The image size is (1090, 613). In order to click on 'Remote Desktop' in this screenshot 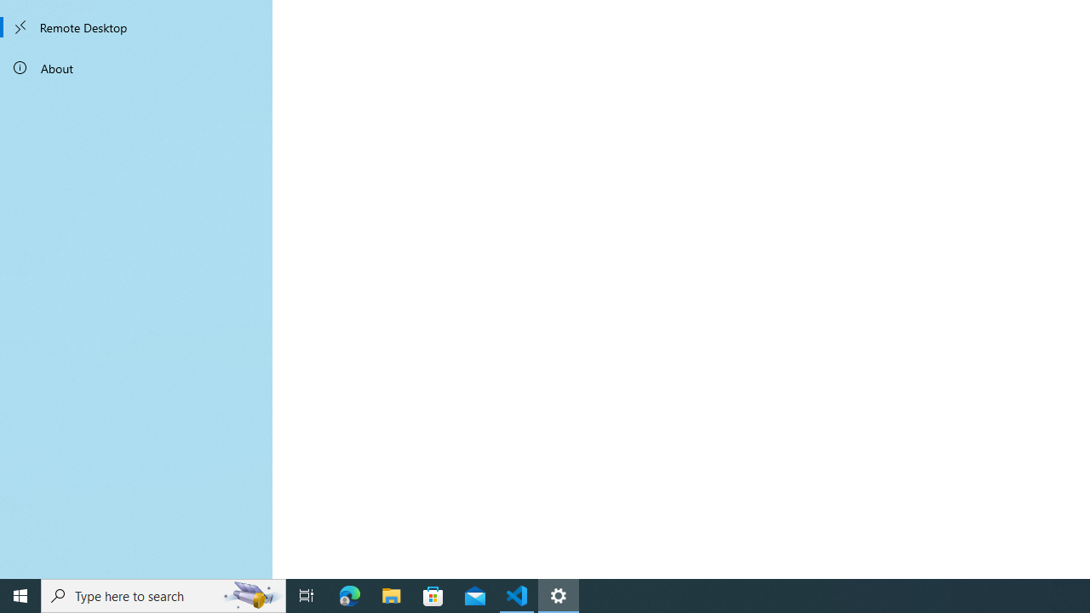, I will do `click(136, 27)`.